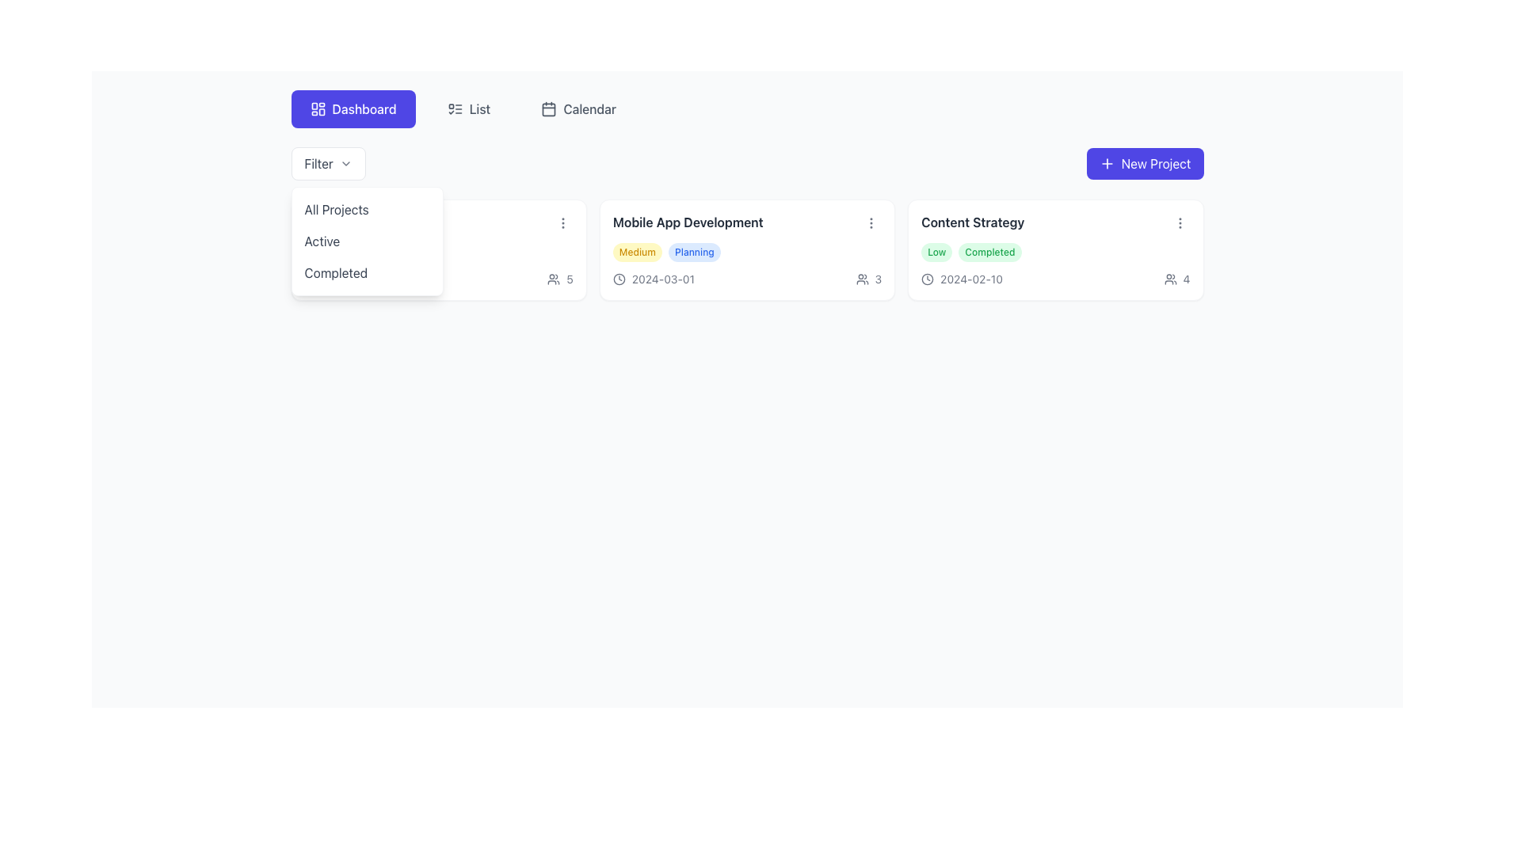 This screenshot has height=855, width=1521. Describe the element at coordinates (654, 279) in the screenshot. I see `the label displaying the date '2024-03-01' with a clock icon in the 'Mobile App Development' card` at that location.